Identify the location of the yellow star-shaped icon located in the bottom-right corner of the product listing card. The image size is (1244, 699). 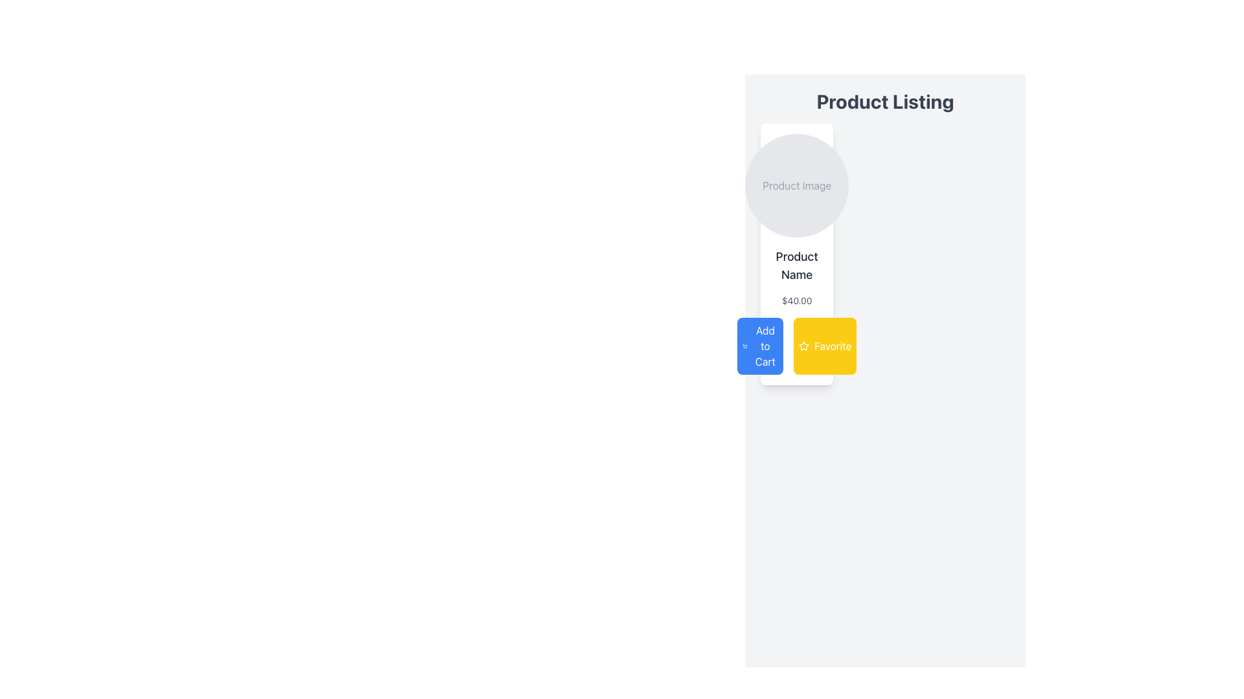
(803, 345).